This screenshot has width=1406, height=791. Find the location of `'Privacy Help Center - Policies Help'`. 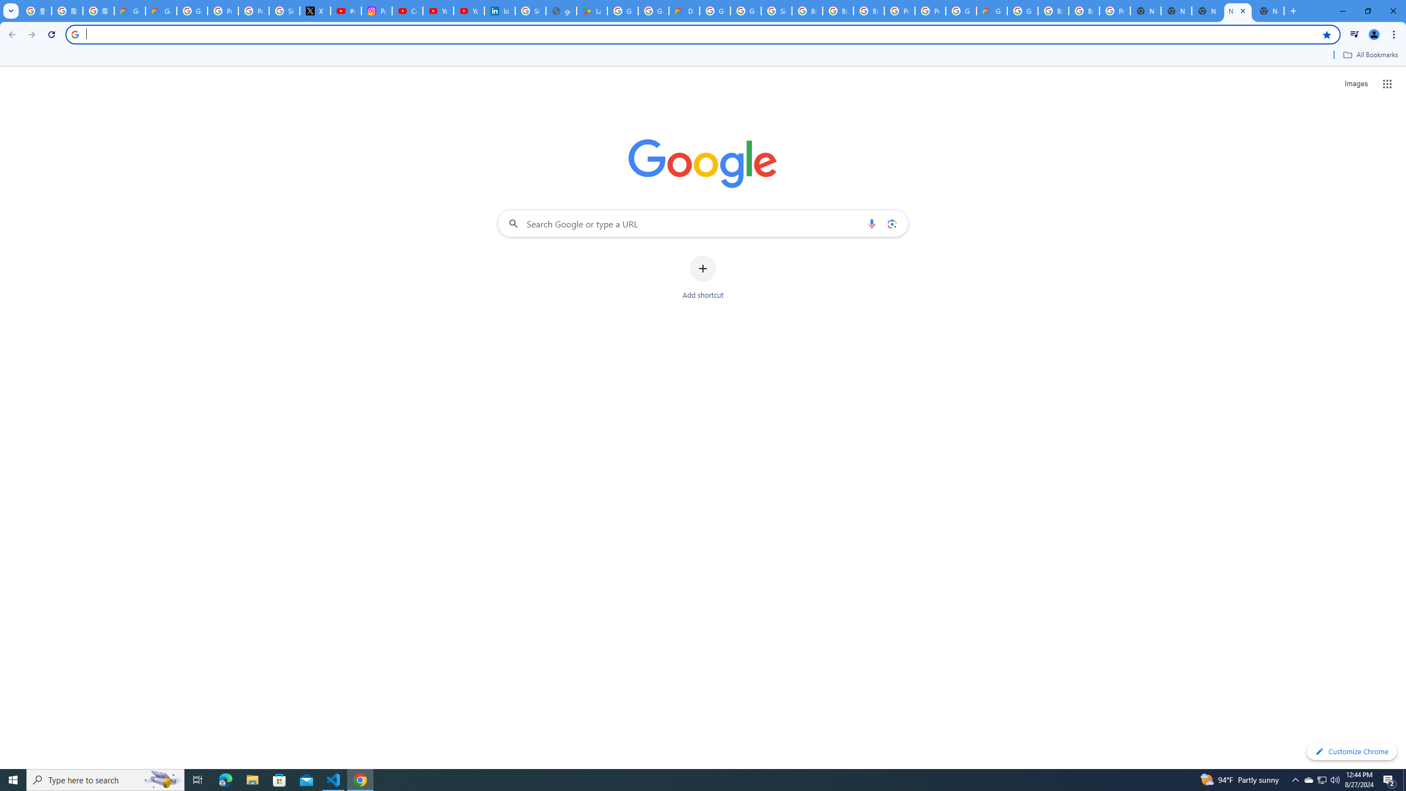

'Privacy Help Center - Policies Help' is located at coordinates (222, 10).